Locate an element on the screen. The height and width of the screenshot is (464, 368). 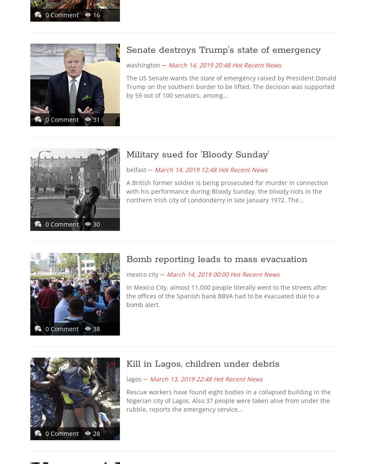
'Bomb reporting leads to mass evacuation' is located at coordinates (216, 259).